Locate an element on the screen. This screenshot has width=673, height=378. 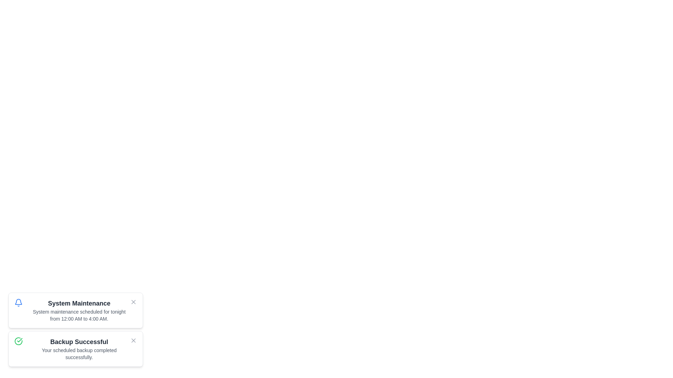
the text string reading 'Your scheduled backup completed successfully.' which is located below the header 'Backup Successful' in the notification card is located at coordinates (79, 353).